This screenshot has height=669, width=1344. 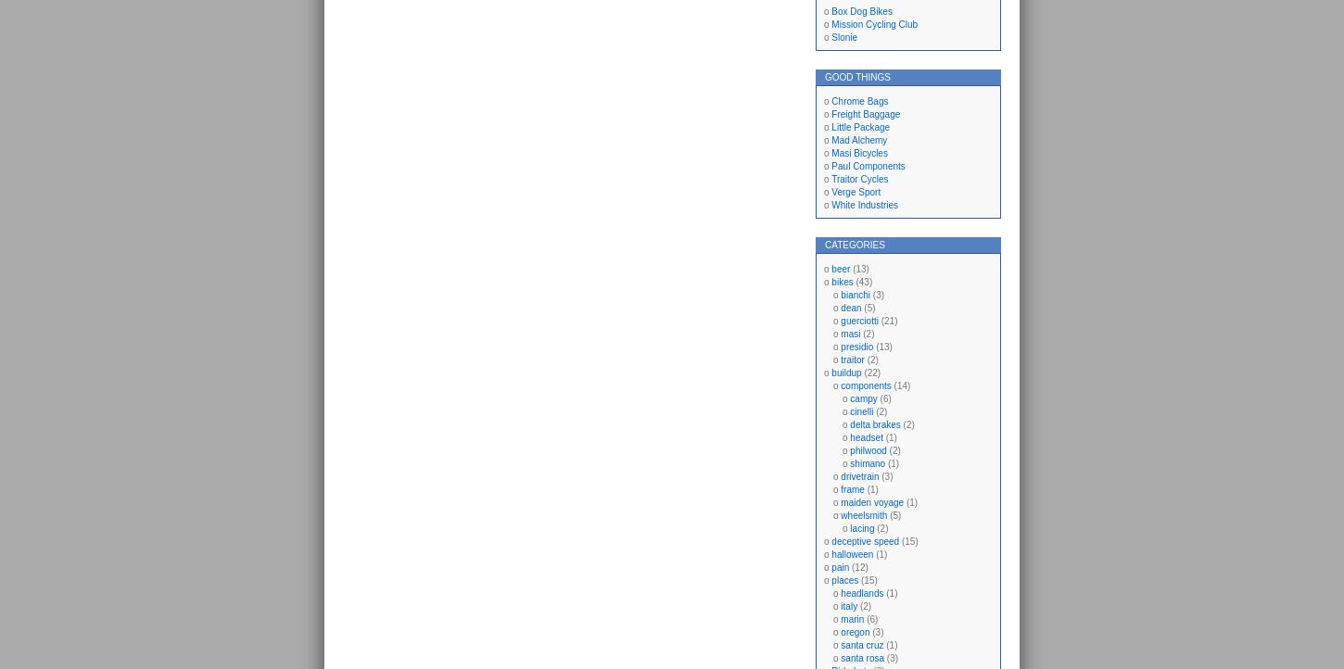 What do you see at coordinates (830, 166) in the screenshot?
I see `'Paul Components'` at bounding box center [830, 166].